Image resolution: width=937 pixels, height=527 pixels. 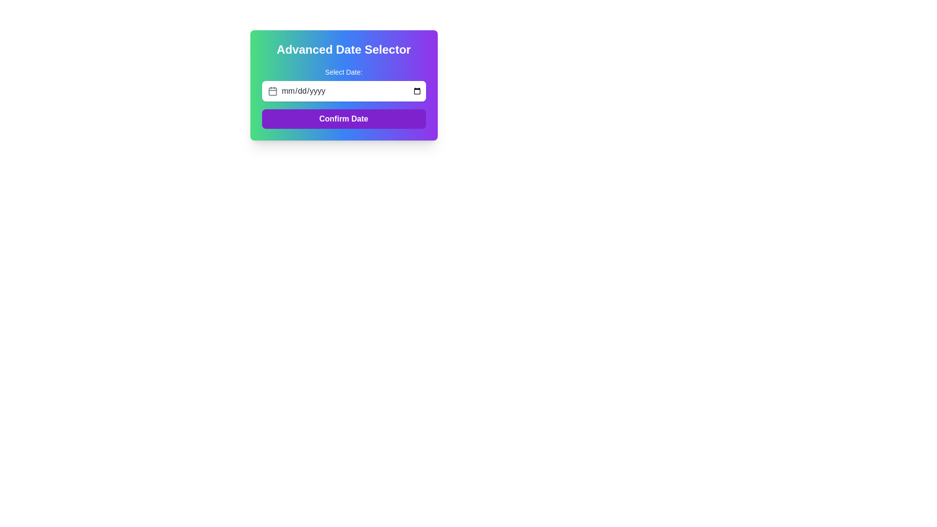 I want to click on the rounded rectangle within the calendar icon located to the left of the date input field labeled 'mm/dd/yyyy', so click(x=272, y=91).